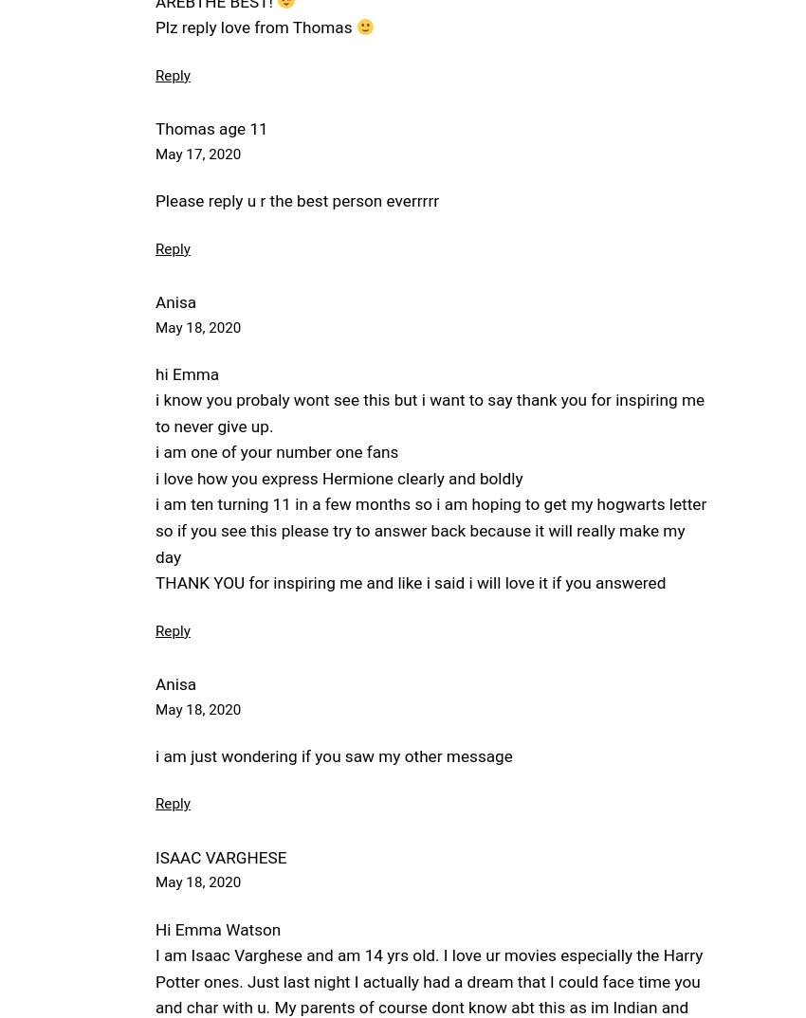  I want to click on 'hi Emma', so click(186, 373).